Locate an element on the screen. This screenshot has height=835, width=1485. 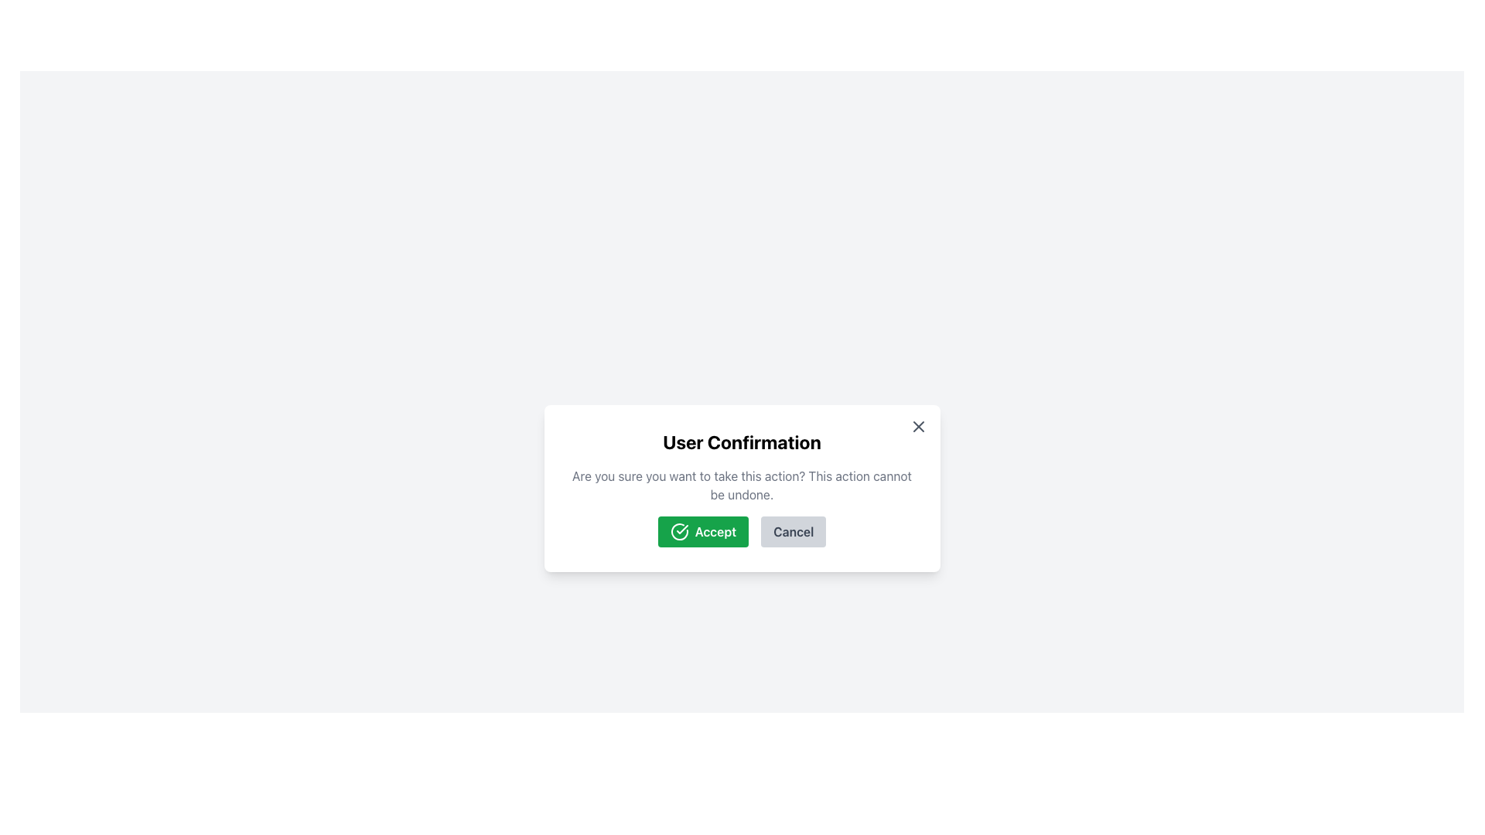
the 'Accept' button within the button group in the modal dialog to confirm the action is located at coordinates (741, 530).